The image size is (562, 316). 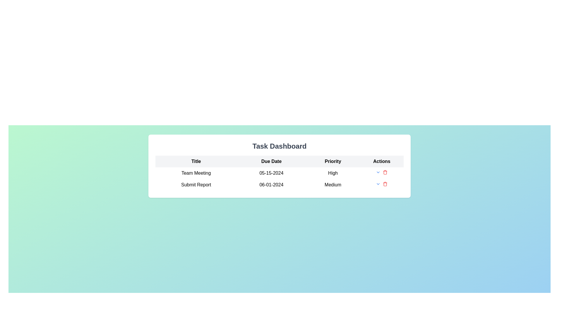 What do you see at coordinates (279, 173) in the screenshot?
I see `an individual row element in the task table located within the 'Task Dashboard'` at bounding box center [279, 173].